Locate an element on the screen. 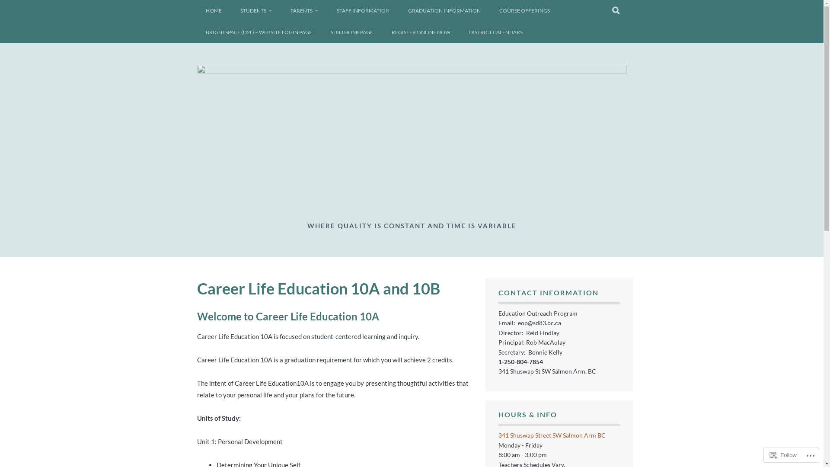  'Follow' is located at coordinates (766, 454).